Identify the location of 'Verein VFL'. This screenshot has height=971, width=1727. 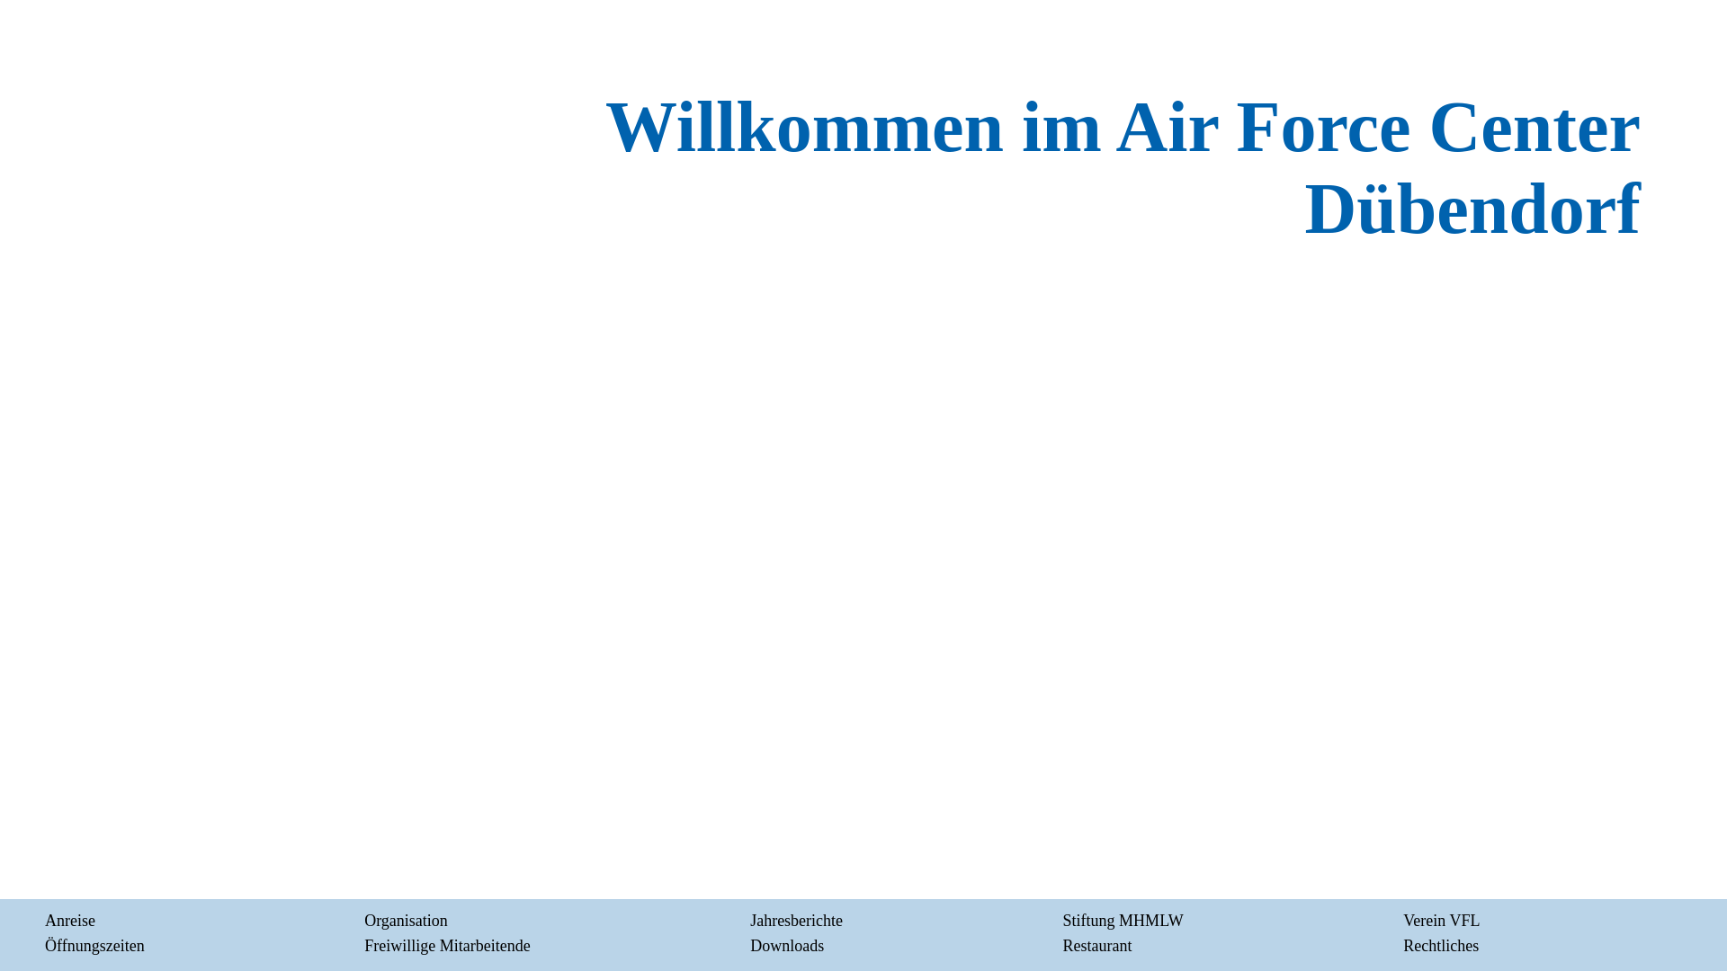
(1441, 920).